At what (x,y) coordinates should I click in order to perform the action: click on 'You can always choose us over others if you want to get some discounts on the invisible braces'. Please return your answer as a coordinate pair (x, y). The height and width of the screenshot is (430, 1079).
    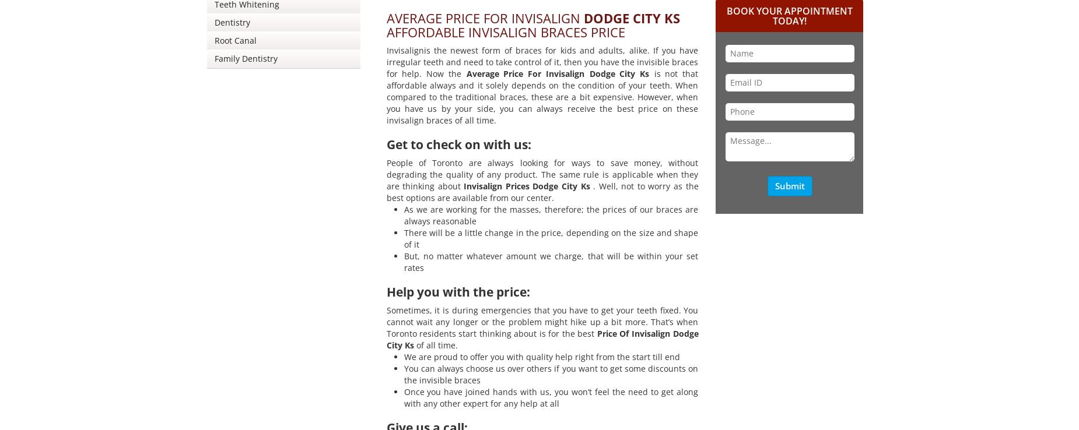
    Looking at the image, I should click on (550, 374).